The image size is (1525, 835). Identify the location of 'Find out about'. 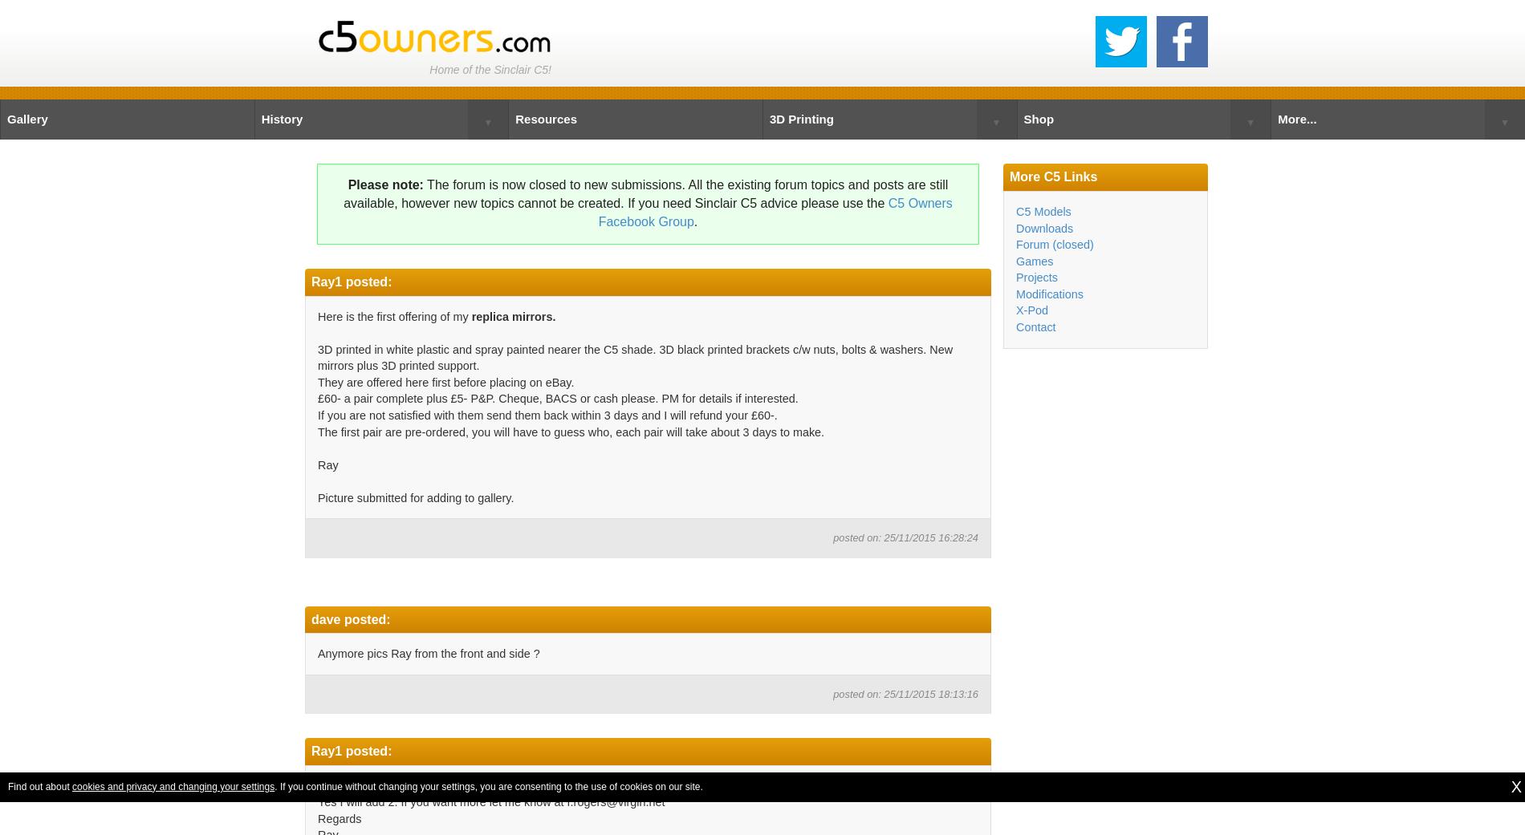
(39, 785).